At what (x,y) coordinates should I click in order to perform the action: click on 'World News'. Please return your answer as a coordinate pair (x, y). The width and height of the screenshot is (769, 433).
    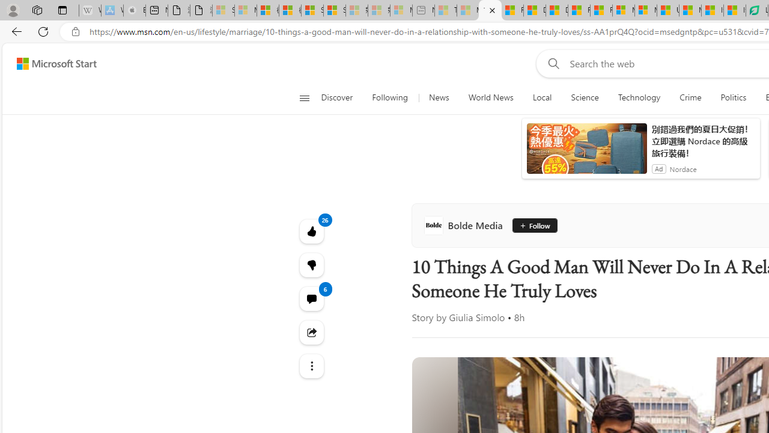
    Looking at the image, I should click on (491, 97).